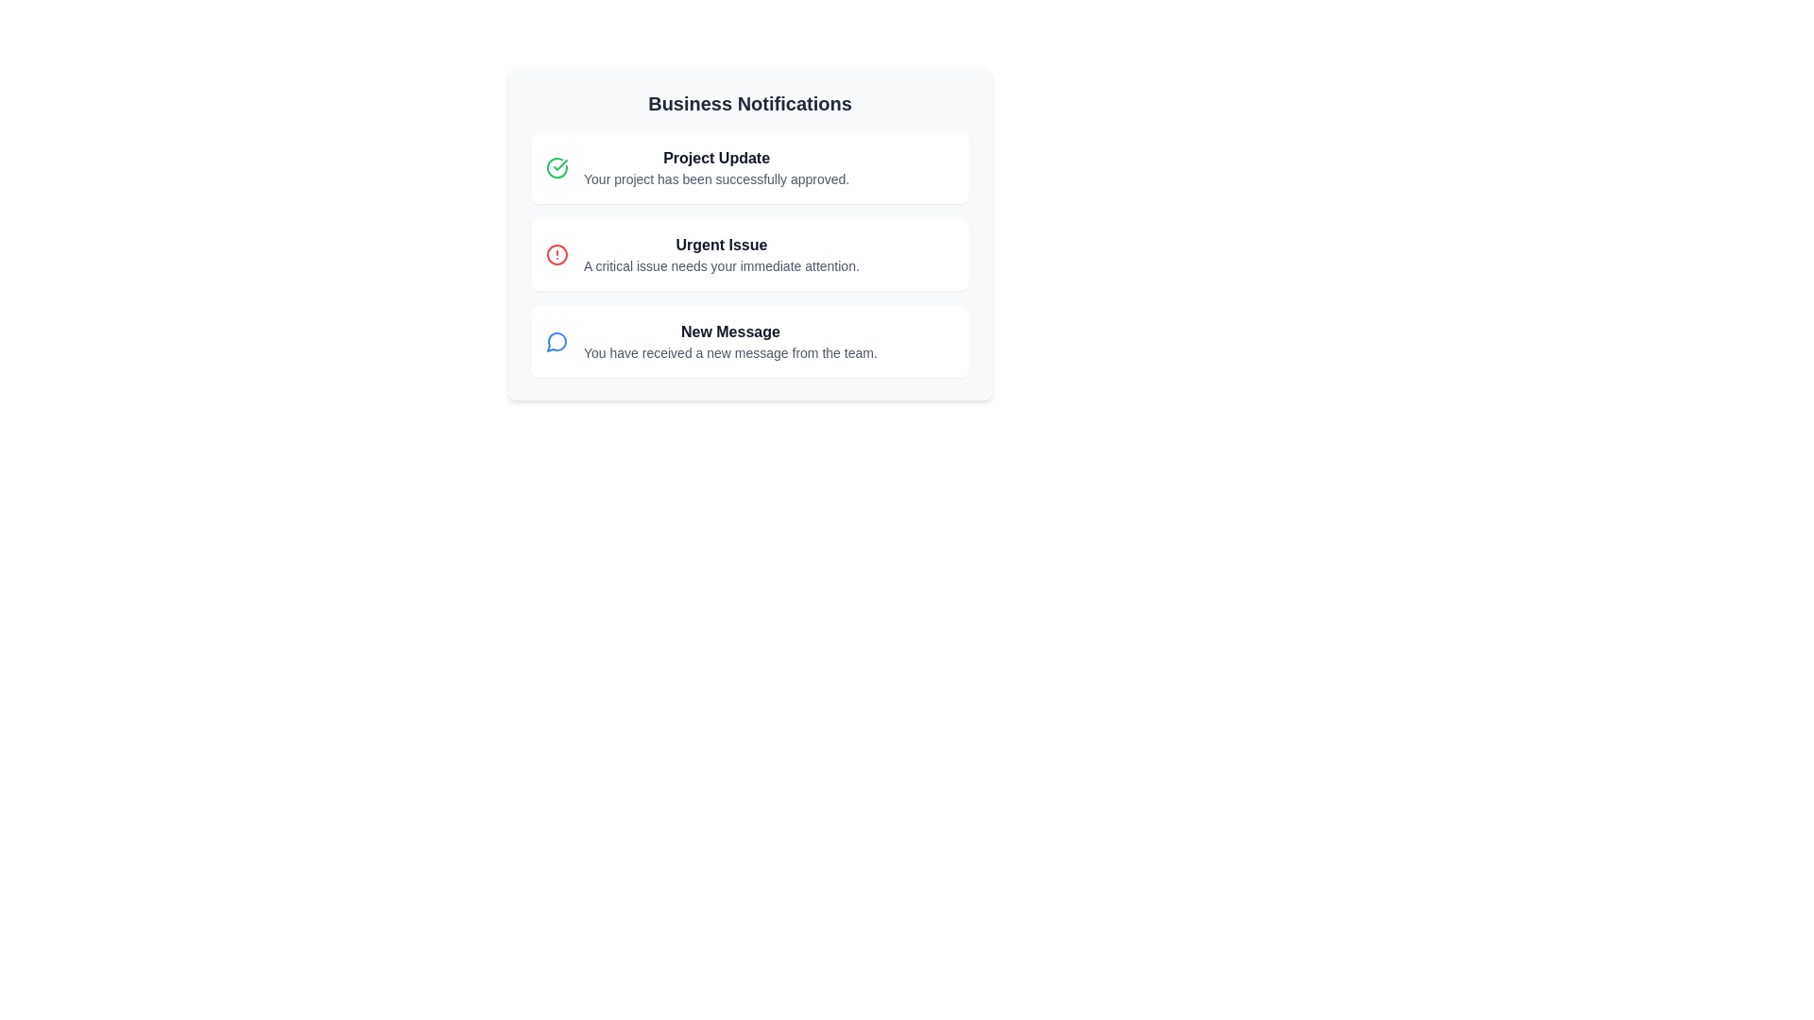 The image size is (1814, 1020). I want to click on the Informational notification box that displays a critical issue notification, so click(720, 255).